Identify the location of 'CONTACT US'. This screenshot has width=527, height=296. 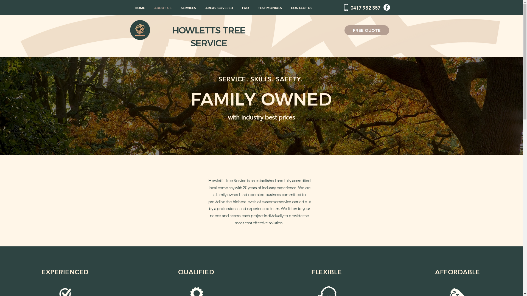
(301, 8).